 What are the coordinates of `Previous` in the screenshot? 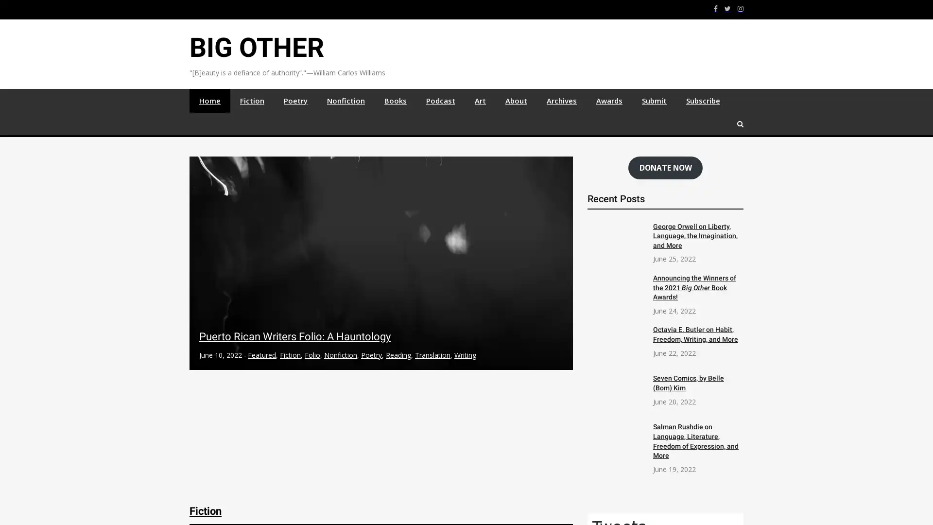 It's located at (202, 281).